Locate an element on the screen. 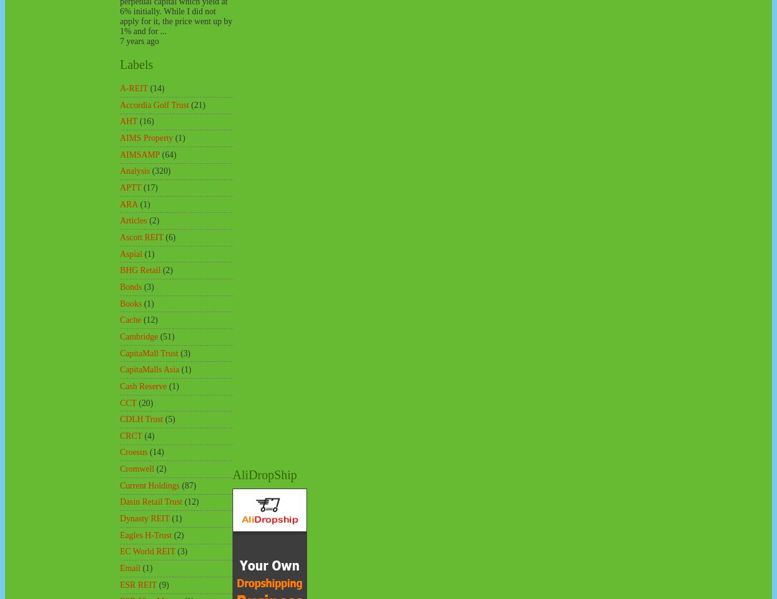 Image resolution: width=777 pixels, height=599 pixels. '(20)' is located at coordinates (138, 402).